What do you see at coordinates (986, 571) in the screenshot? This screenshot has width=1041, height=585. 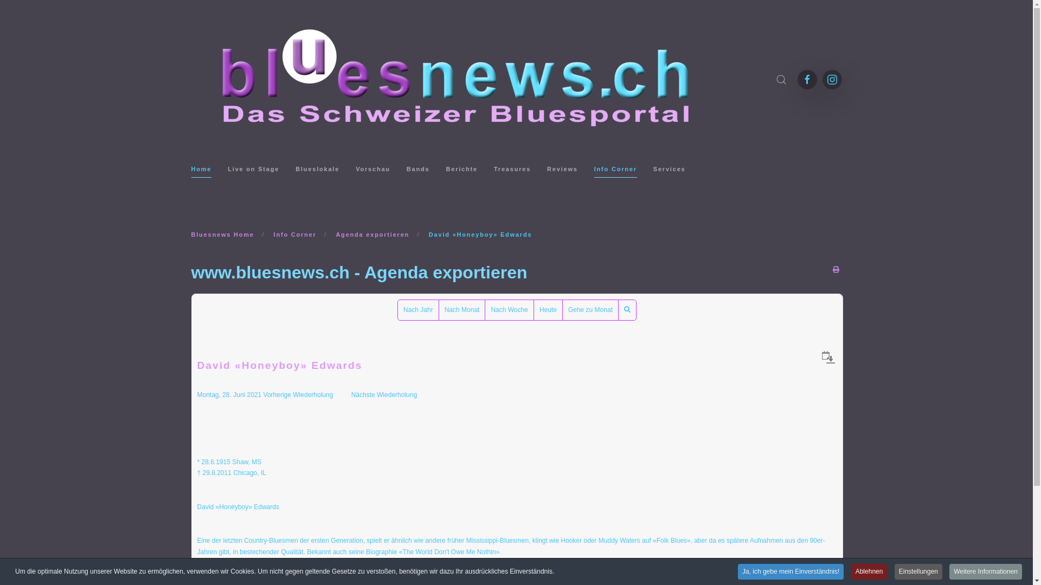 I see `'Weitere Informationen'` at bounding box center [986, 571].